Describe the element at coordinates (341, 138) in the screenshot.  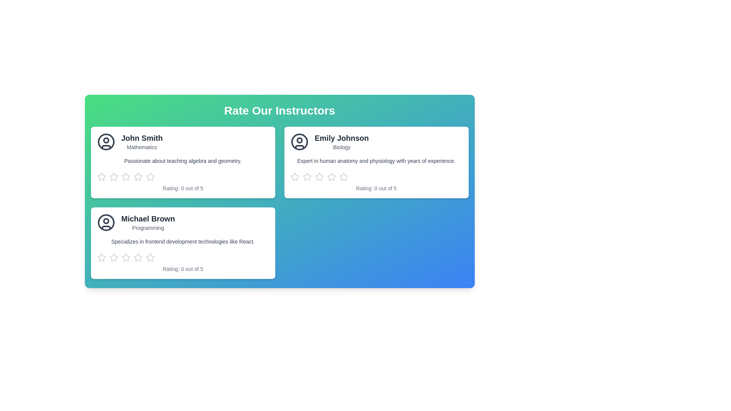
I see `the text element displaying 'Emily Johnson' which is the topmost text in the right profile card, positioned above 'Biology' and to the right of the person icon` at that location.